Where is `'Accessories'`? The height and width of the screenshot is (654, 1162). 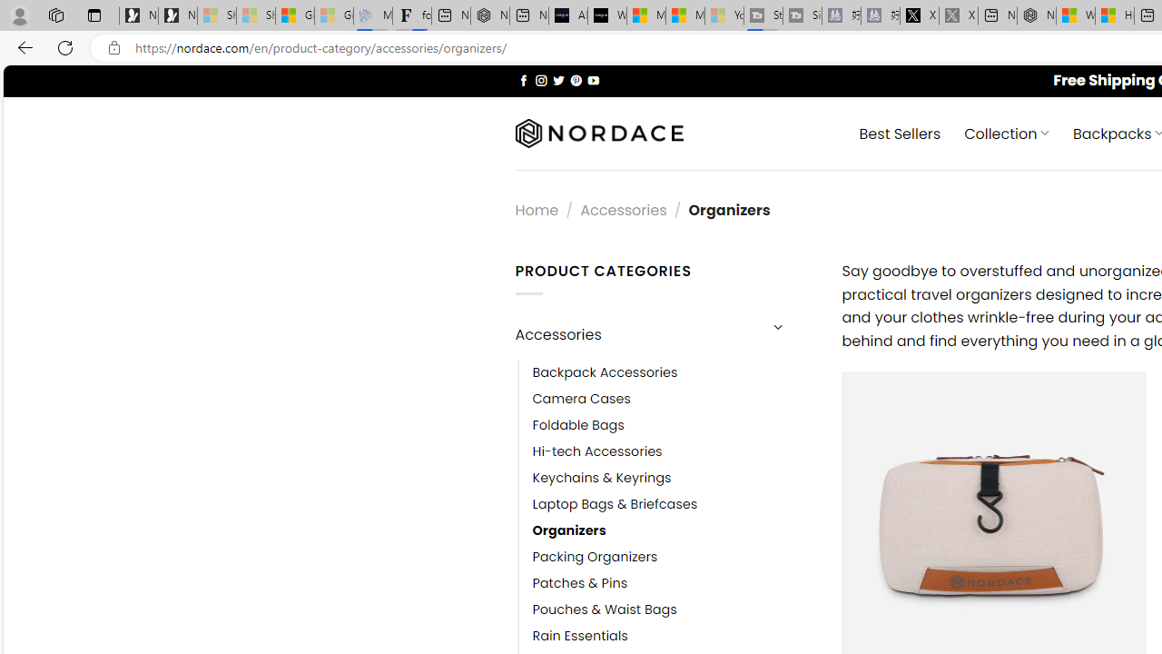 'Accessories' is located at coordinates (635, 334).